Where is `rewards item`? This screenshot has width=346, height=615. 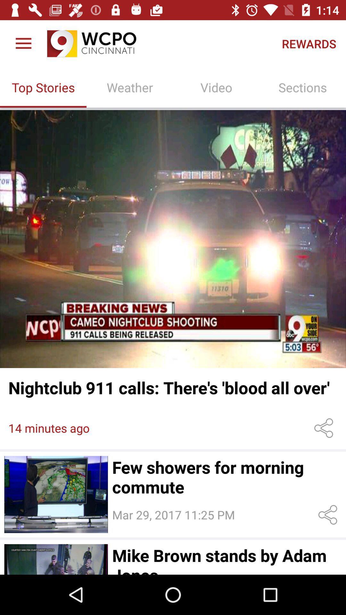
rewards item is located at coordinates (309, 43).